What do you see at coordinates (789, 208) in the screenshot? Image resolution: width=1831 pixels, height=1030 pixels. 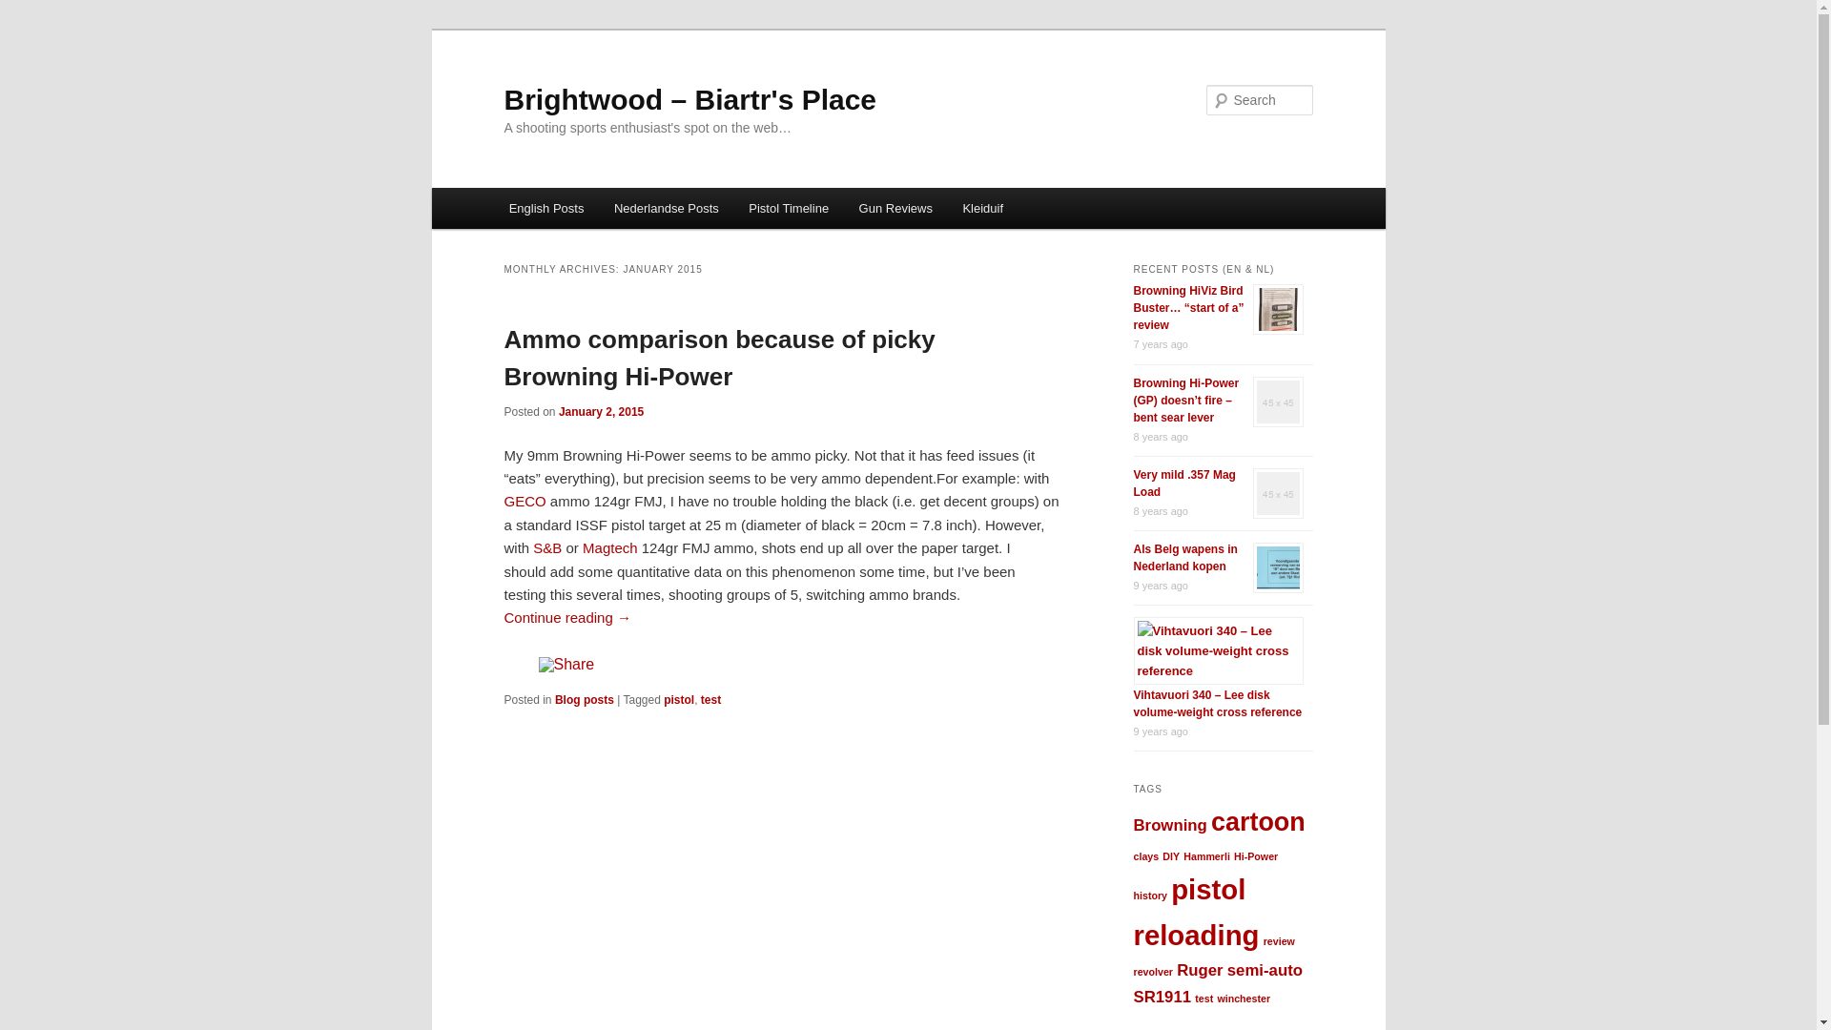 I see `'Pistol Timeline'` at bounding box center [789, 208].